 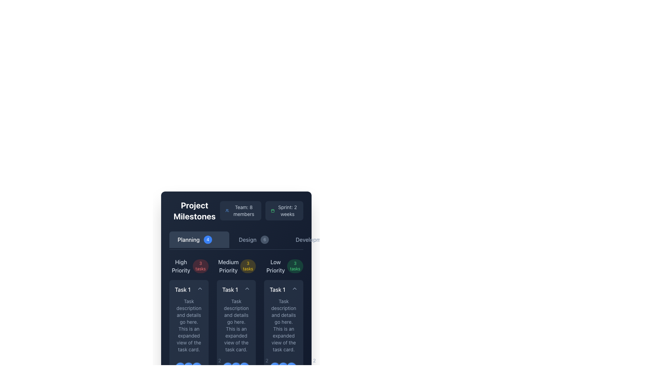 What do you see at coordinates (207, 239) in the screenshot?
I see `the Badge indicating the count of tasks for 'Planning', which is positioned to the right of the 'Planning' text` at bounding box center [207, 239].